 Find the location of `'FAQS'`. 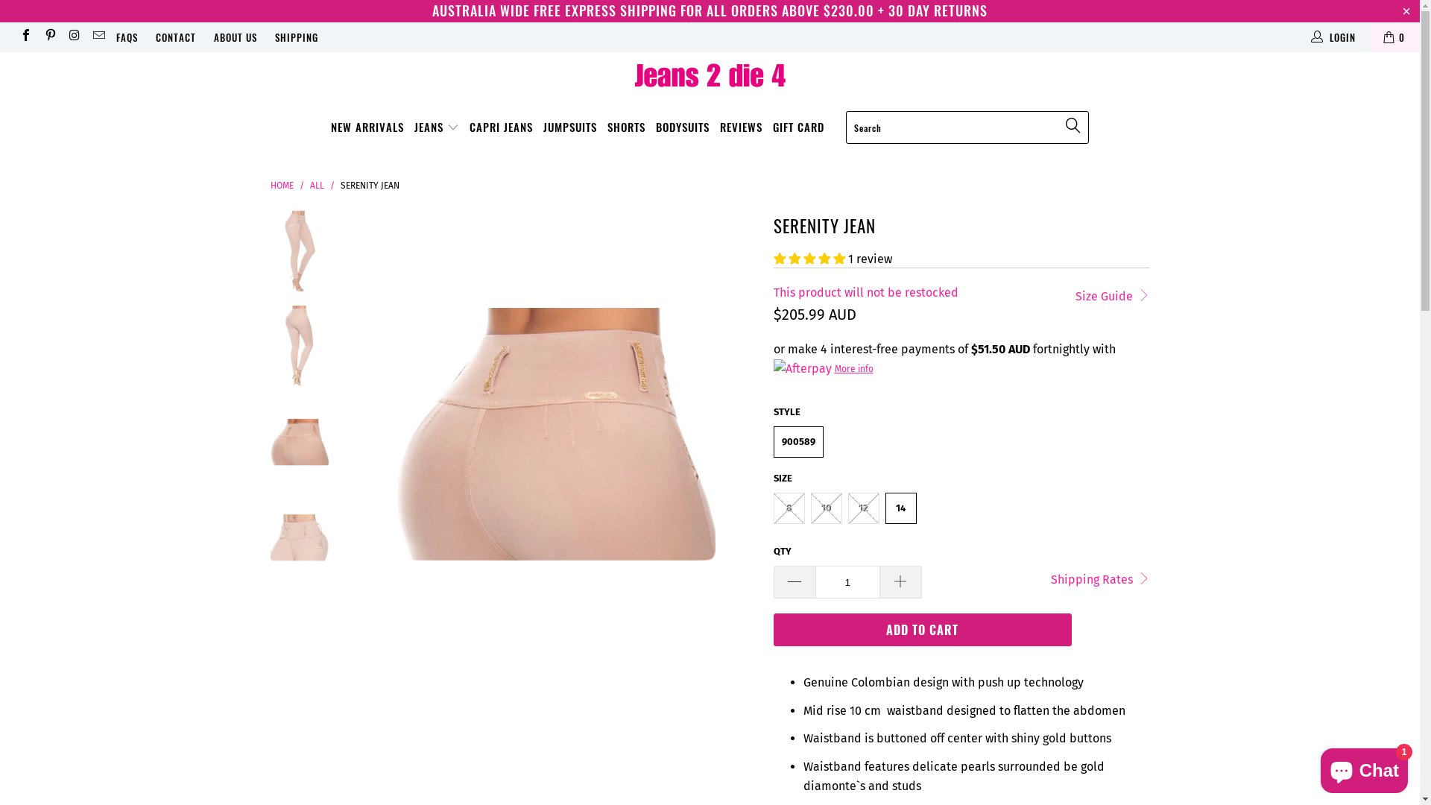

'FAQS' is located at coordinates (116, 37).